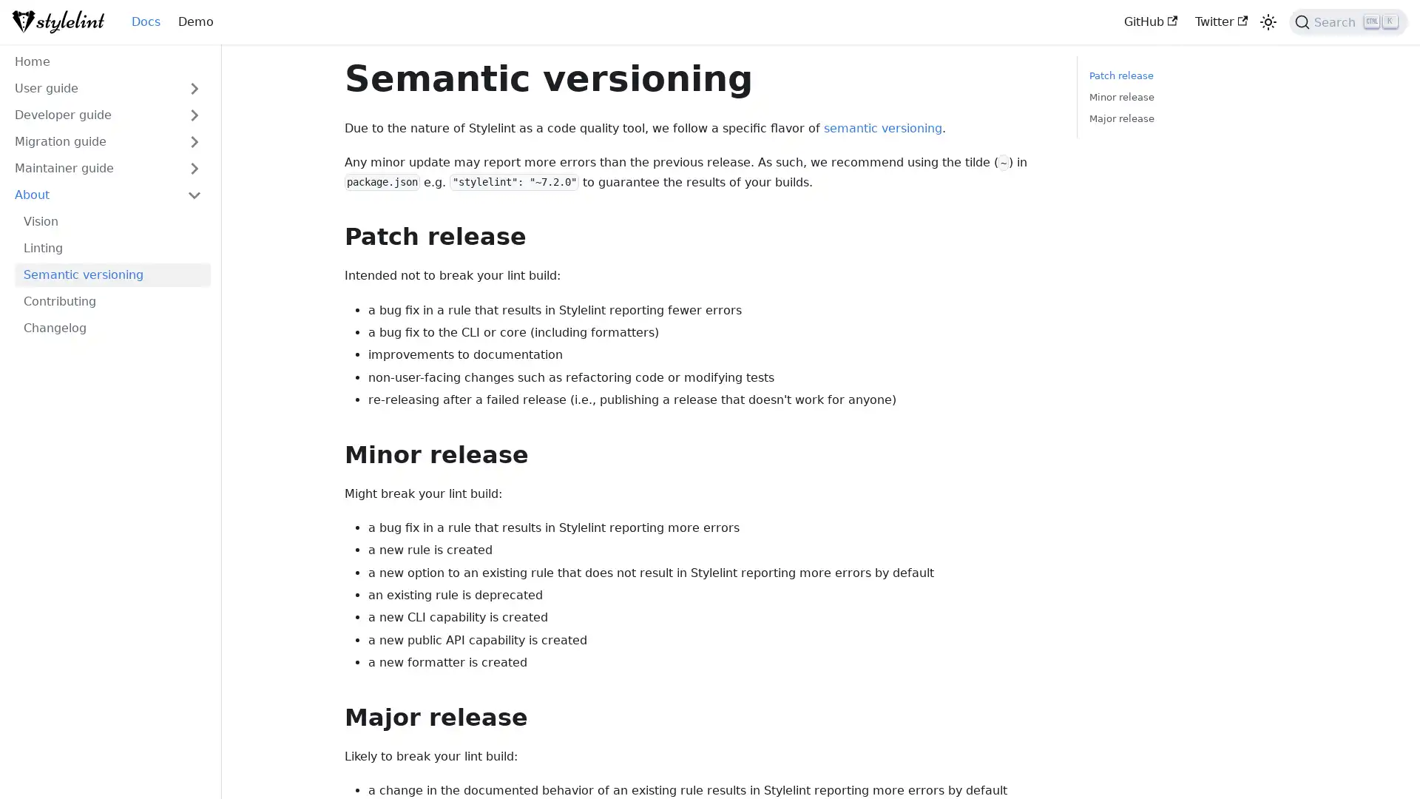 The height and width of the screenshot is (799, 1420). I want to click on Search, so click(1348, 22).